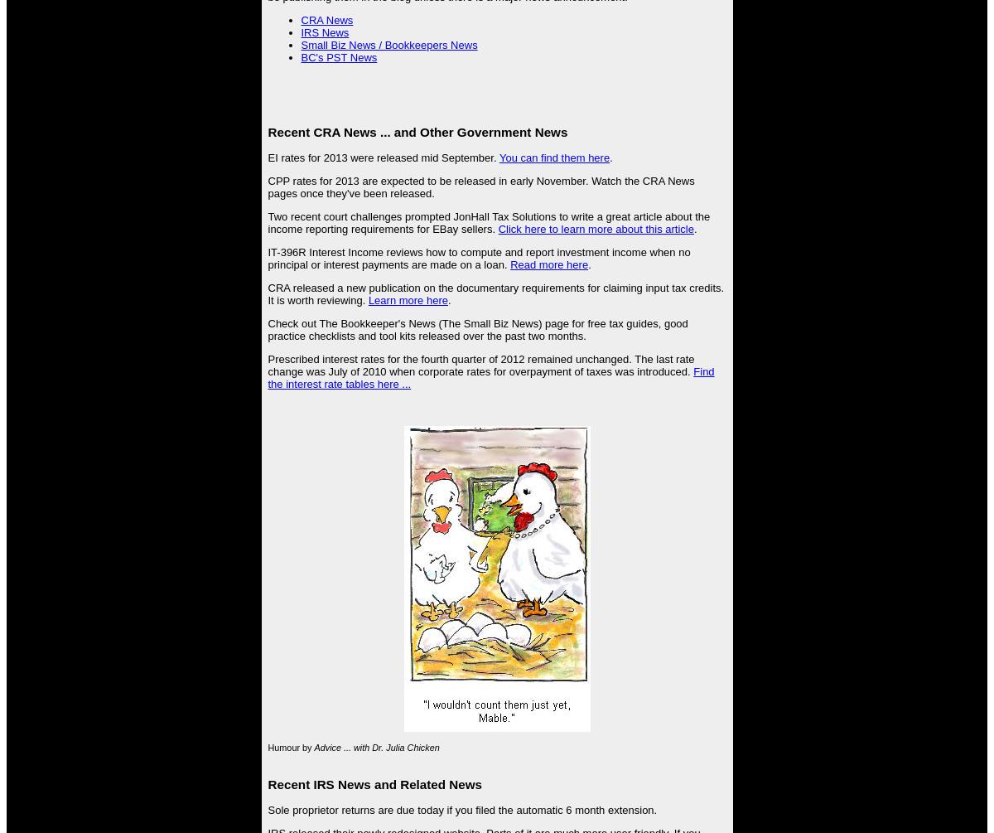 The height and width of the screenshot is (833, 994). What do you see at coordinates (554, 156) in the screenshot?
I see `'You can find them here'` at bounding box center [554, 156].